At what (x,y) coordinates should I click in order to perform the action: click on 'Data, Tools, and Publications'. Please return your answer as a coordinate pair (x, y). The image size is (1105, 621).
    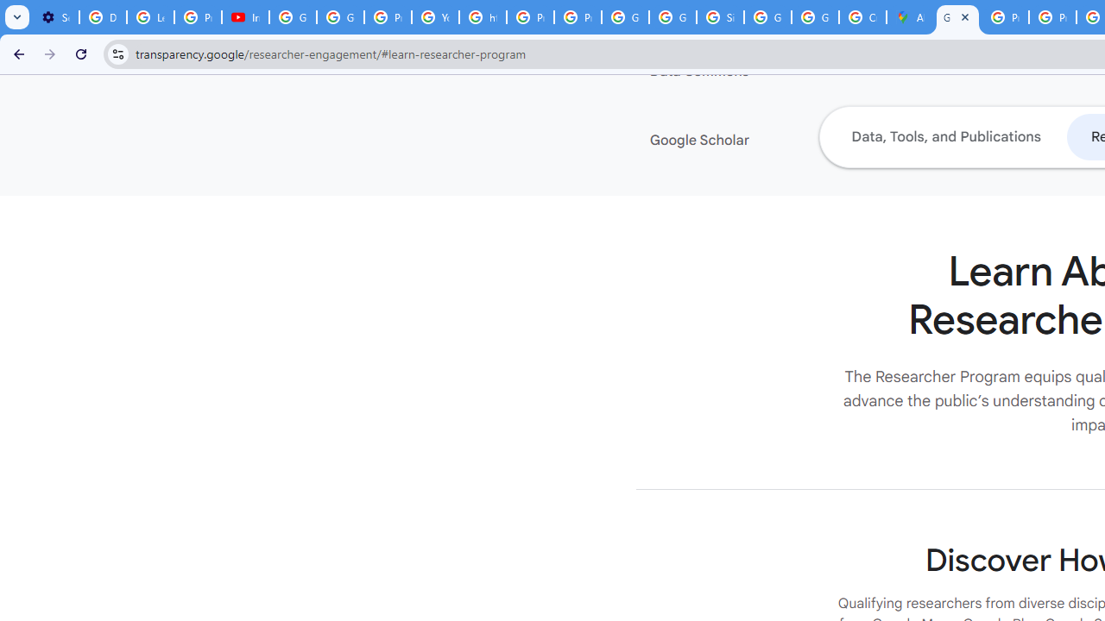
    Looking at the image, I should click on (944, 135).